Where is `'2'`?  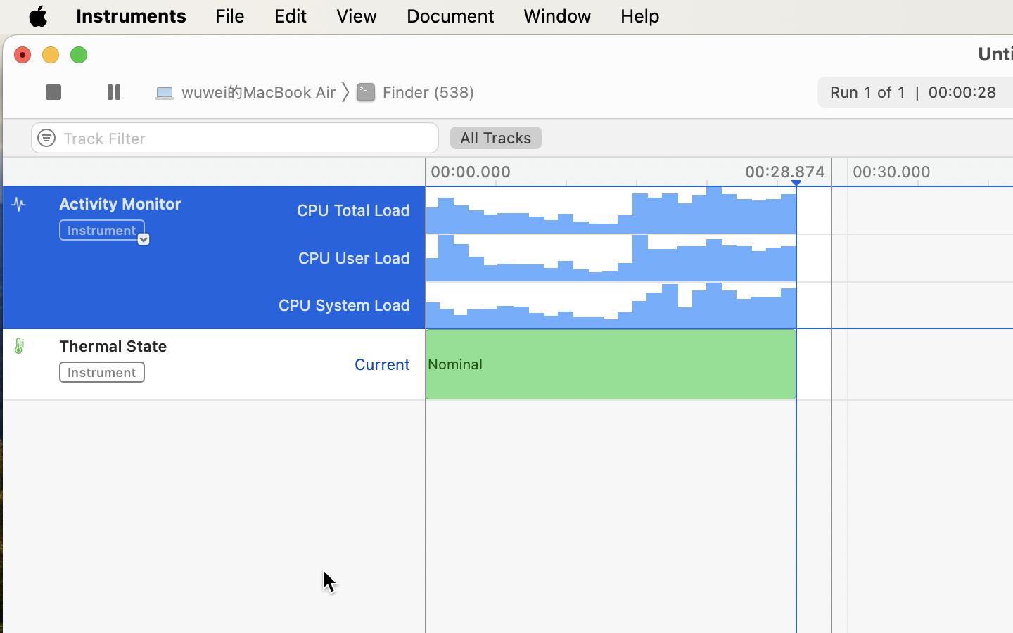 '2' is located at coordinates (53, 96).